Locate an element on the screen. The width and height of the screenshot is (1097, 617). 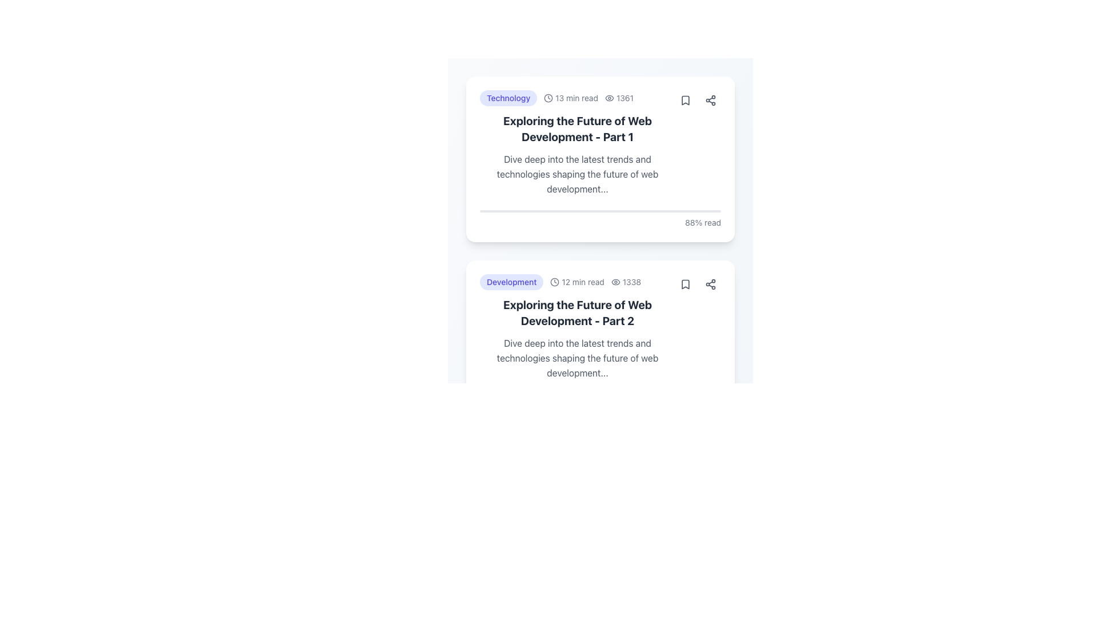
the static bookmark icon in the top-right corner of the card layout, which serves as a visual indicator for the bookmark feature is located at coordinates (686, 100).